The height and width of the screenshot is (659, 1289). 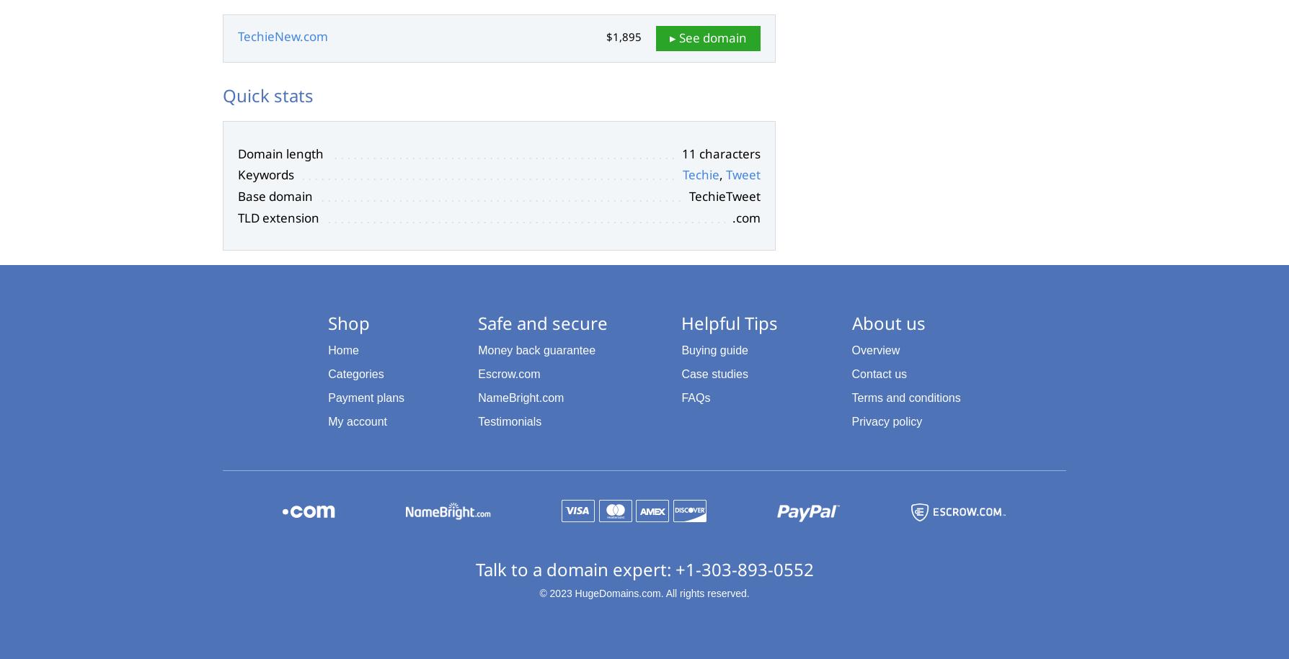 What do you see at coordinates (878, 374) in the screenshot?
I see `'Contact us'` at bounding box center [878, 374].